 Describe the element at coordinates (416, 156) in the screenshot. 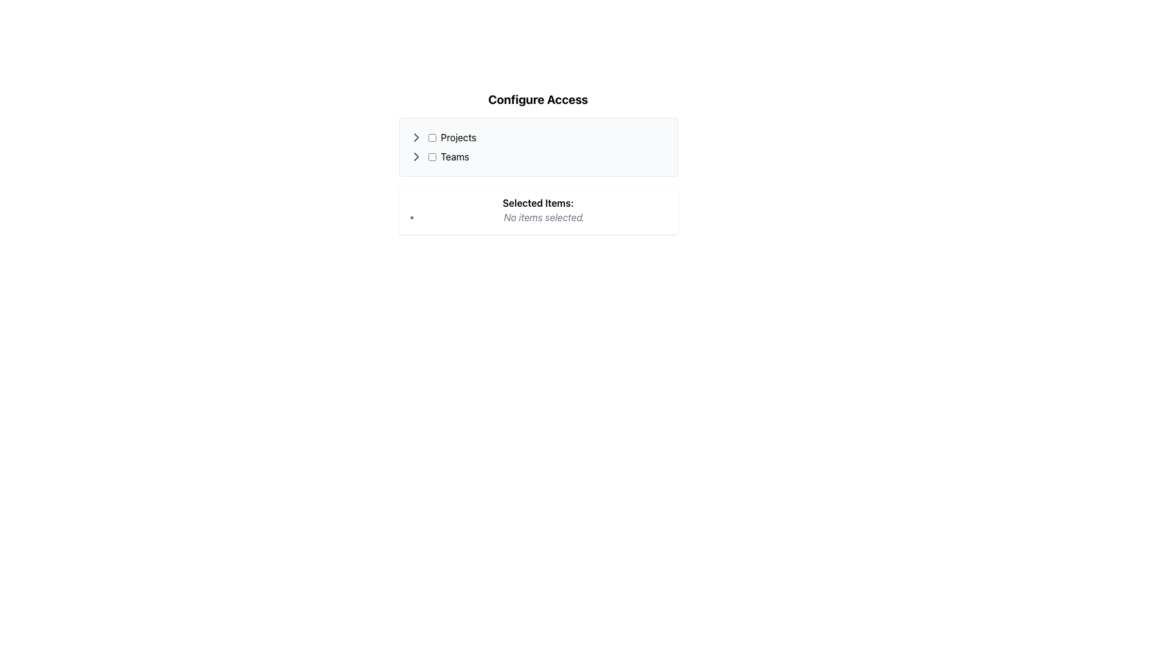

I see `the right-pointing chevron icon` at that location.